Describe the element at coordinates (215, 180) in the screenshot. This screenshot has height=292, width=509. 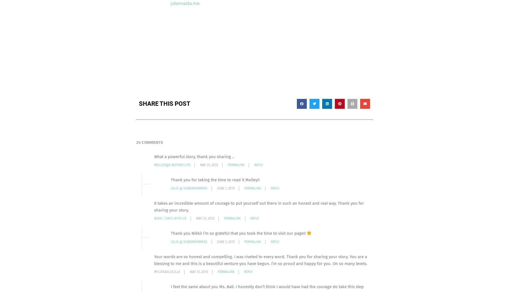
I see `'Thank you for taking the time to read it Molley!!'` at that location.